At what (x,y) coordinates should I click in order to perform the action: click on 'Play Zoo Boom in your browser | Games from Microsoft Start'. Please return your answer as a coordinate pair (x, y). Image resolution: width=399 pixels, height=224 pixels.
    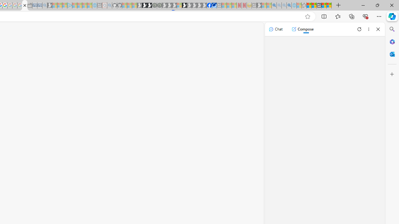
    Looking at the image, I should click on (144, 5).